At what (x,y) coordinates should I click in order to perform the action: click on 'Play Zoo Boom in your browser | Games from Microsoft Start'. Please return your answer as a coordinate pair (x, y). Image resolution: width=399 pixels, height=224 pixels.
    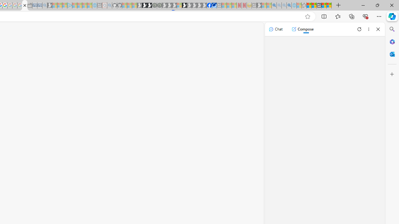
    Looking at the image, I should click on (144, 5).